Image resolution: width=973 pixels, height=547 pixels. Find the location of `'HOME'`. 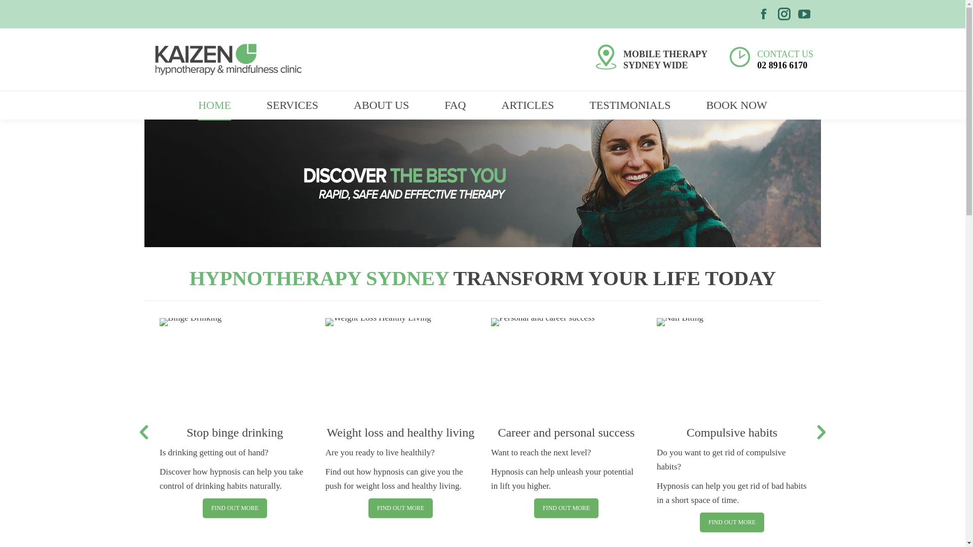

'HOME' is located at coordinates (214, 105).